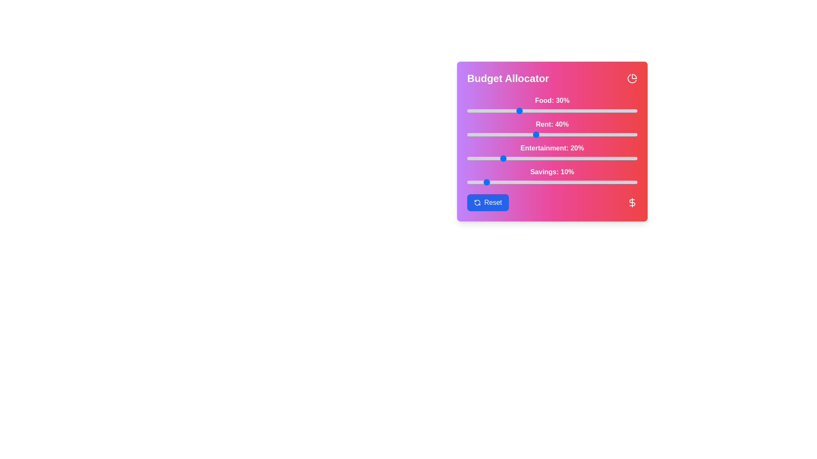 The width and height of the screenshot is (817, 459). I want to click on the 'Food' budget slider, so click(569, 110).